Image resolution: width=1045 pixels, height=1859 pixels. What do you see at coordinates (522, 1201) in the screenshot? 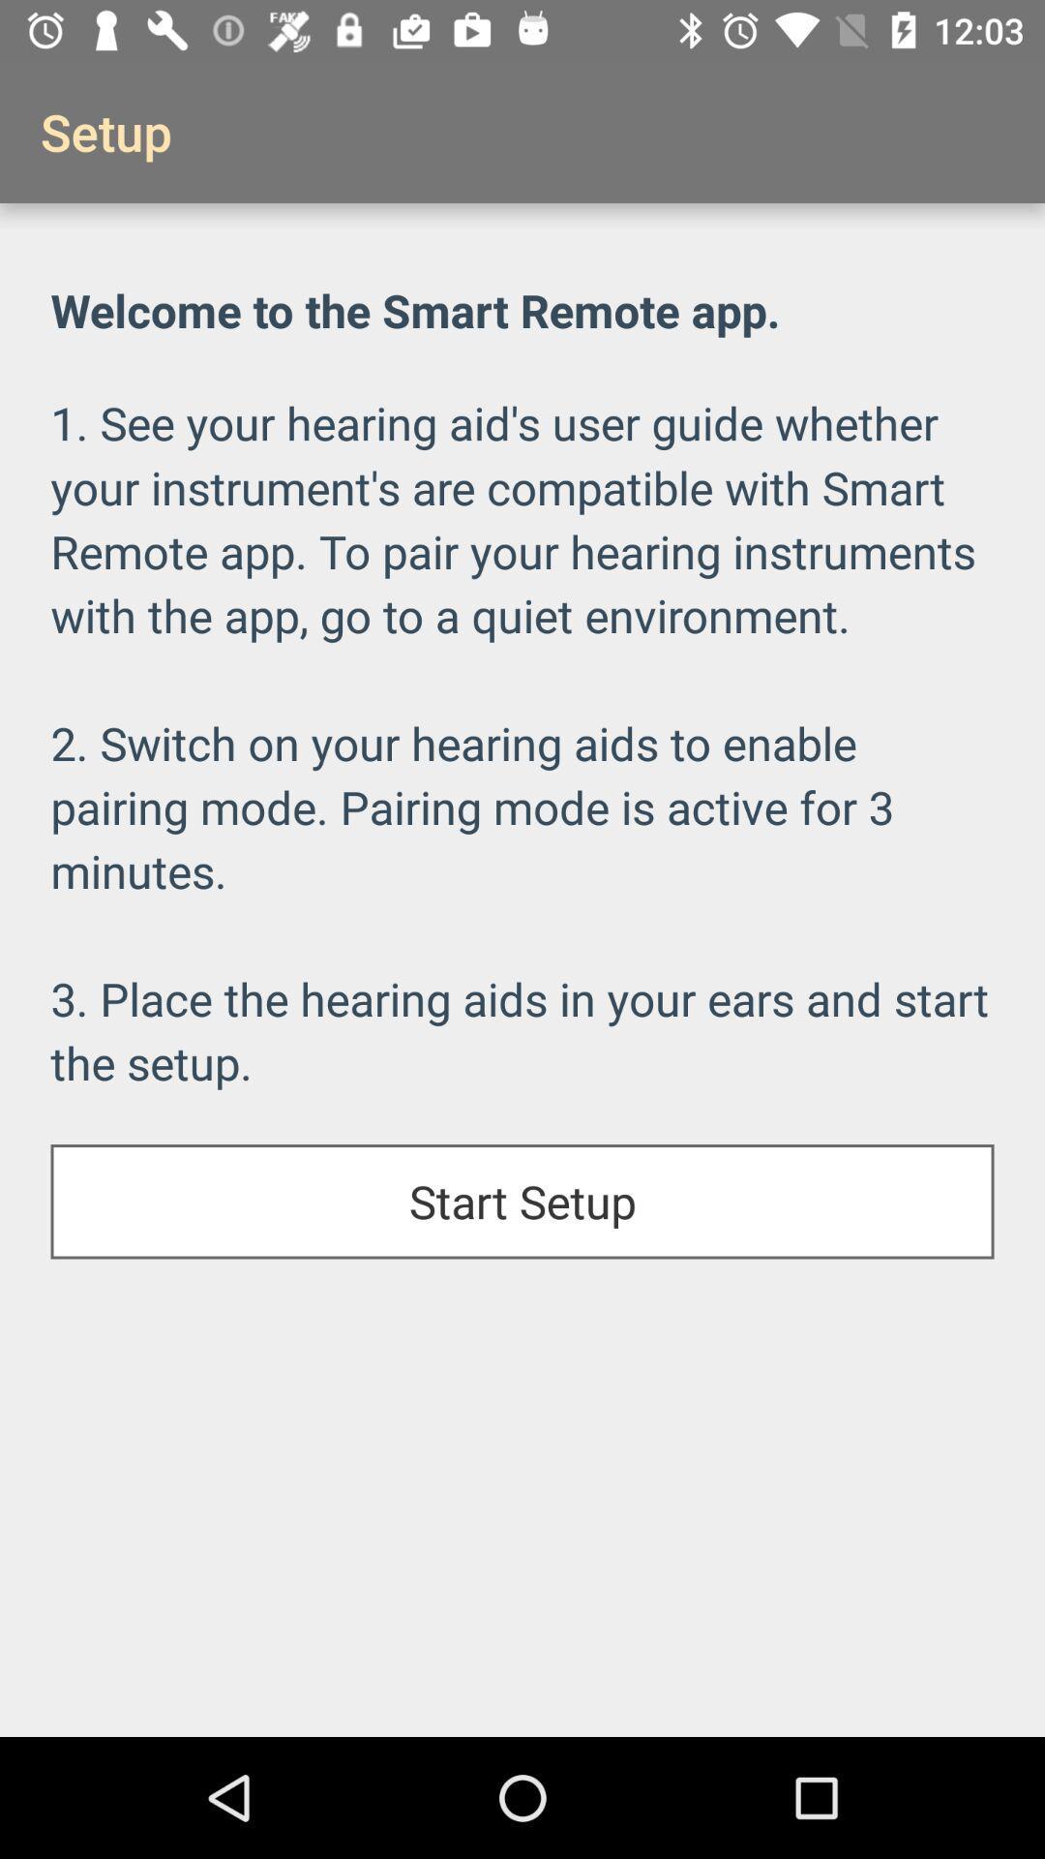
I see `start setup icon` at bounding box center [522, 1201].